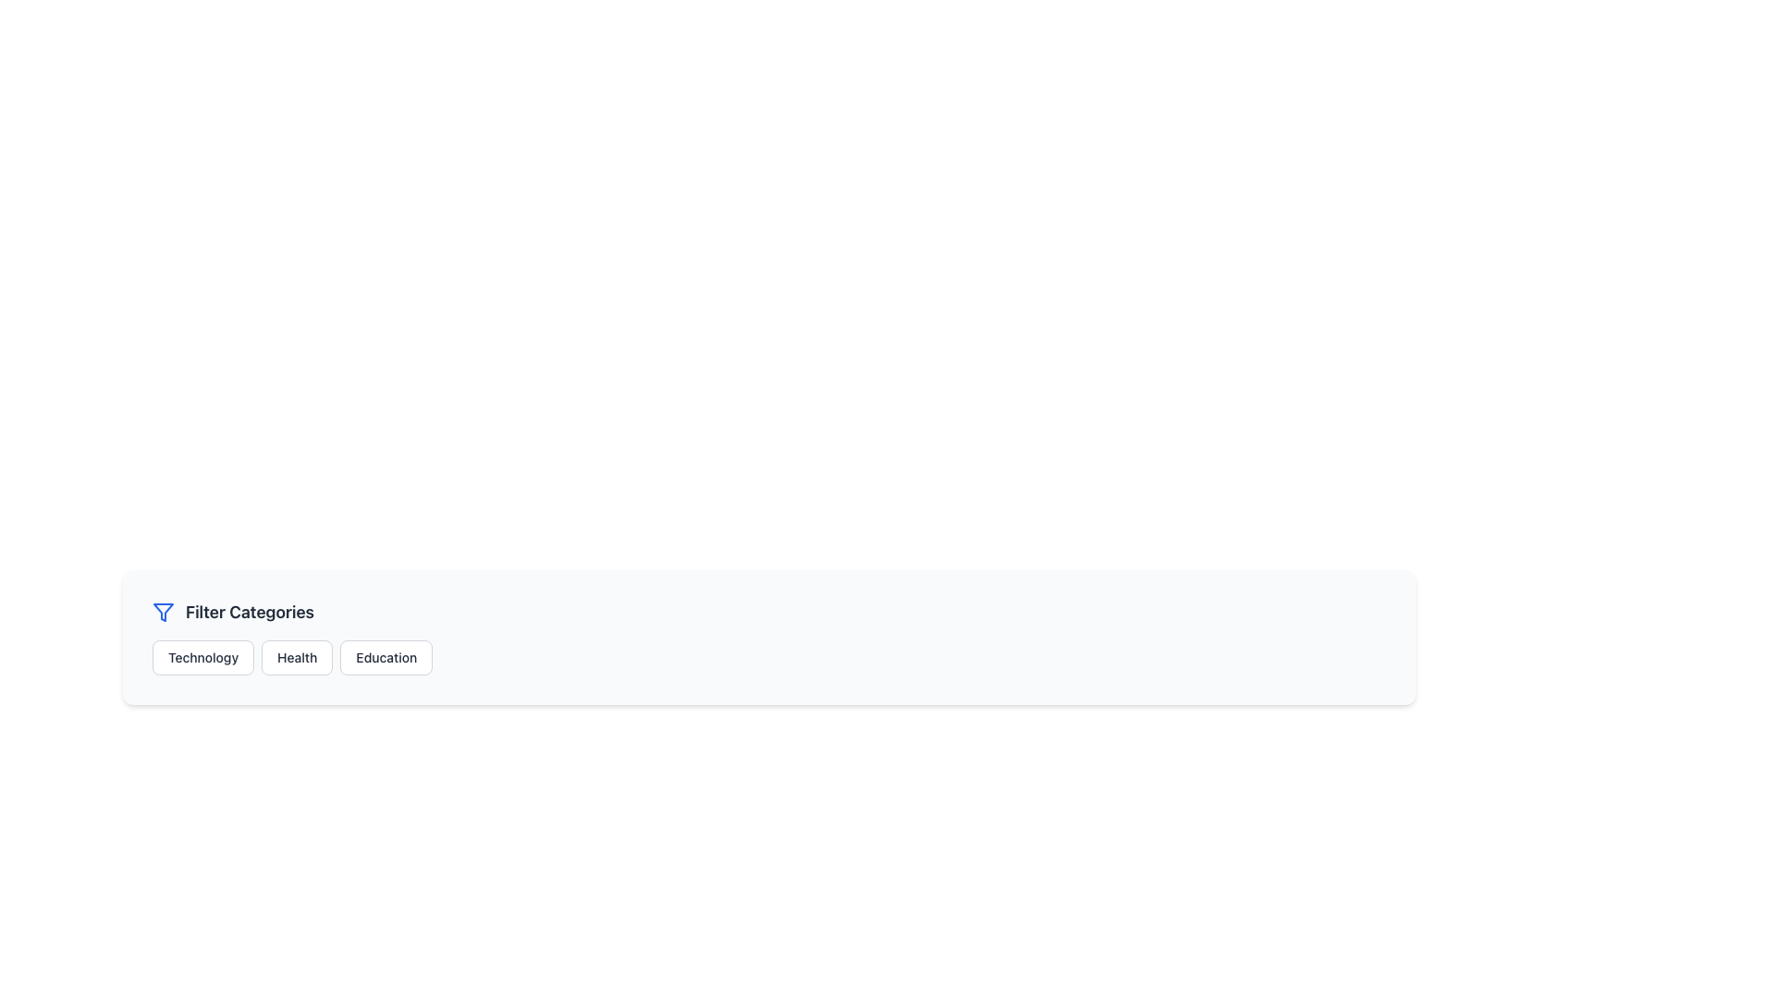 The height and width of the screenshot is (998, 1775). Describe the element at coordinates (164, 613) in the screenshot. I see `the filter icon located in the top-left corner, adjacent to the 'Filter Categories' label` at that location.